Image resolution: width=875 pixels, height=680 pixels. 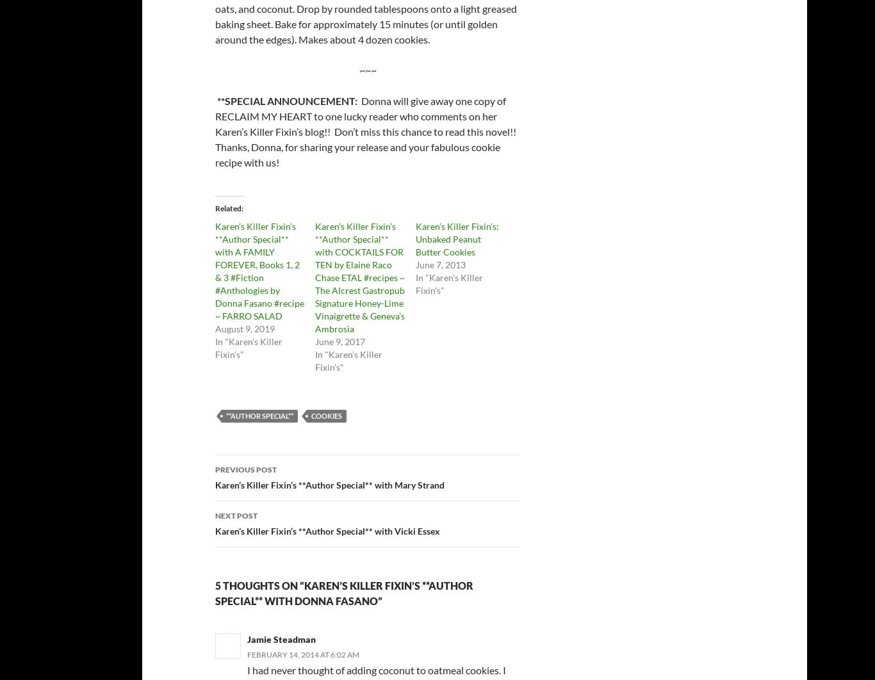 I want to click on 'Next Post', so click(x=215, y=515).